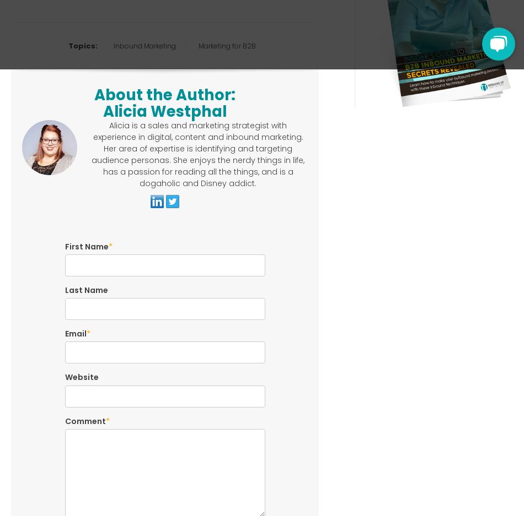 The width and height of the screenshot is (524, 516). I want to click on 'About the Author:', so click(164, 94).